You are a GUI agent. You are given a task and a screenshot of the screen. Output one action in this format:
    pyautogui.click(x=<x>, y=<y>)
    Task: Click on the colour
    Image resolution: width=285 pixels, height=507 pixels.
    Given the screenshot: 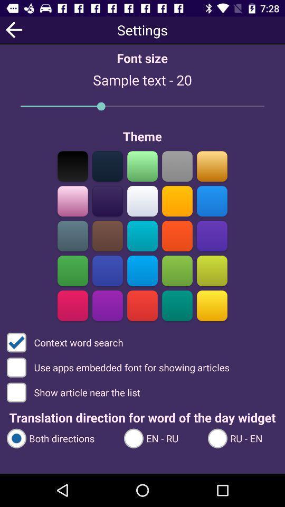 What is the action you would take?
    pyautogui.click(x=72, y=166)
    